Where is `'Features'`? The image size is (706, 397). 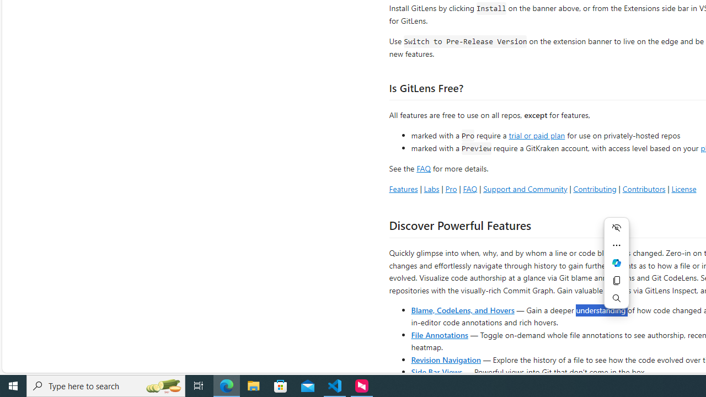
'Features' is located at coordinates (403, 188).